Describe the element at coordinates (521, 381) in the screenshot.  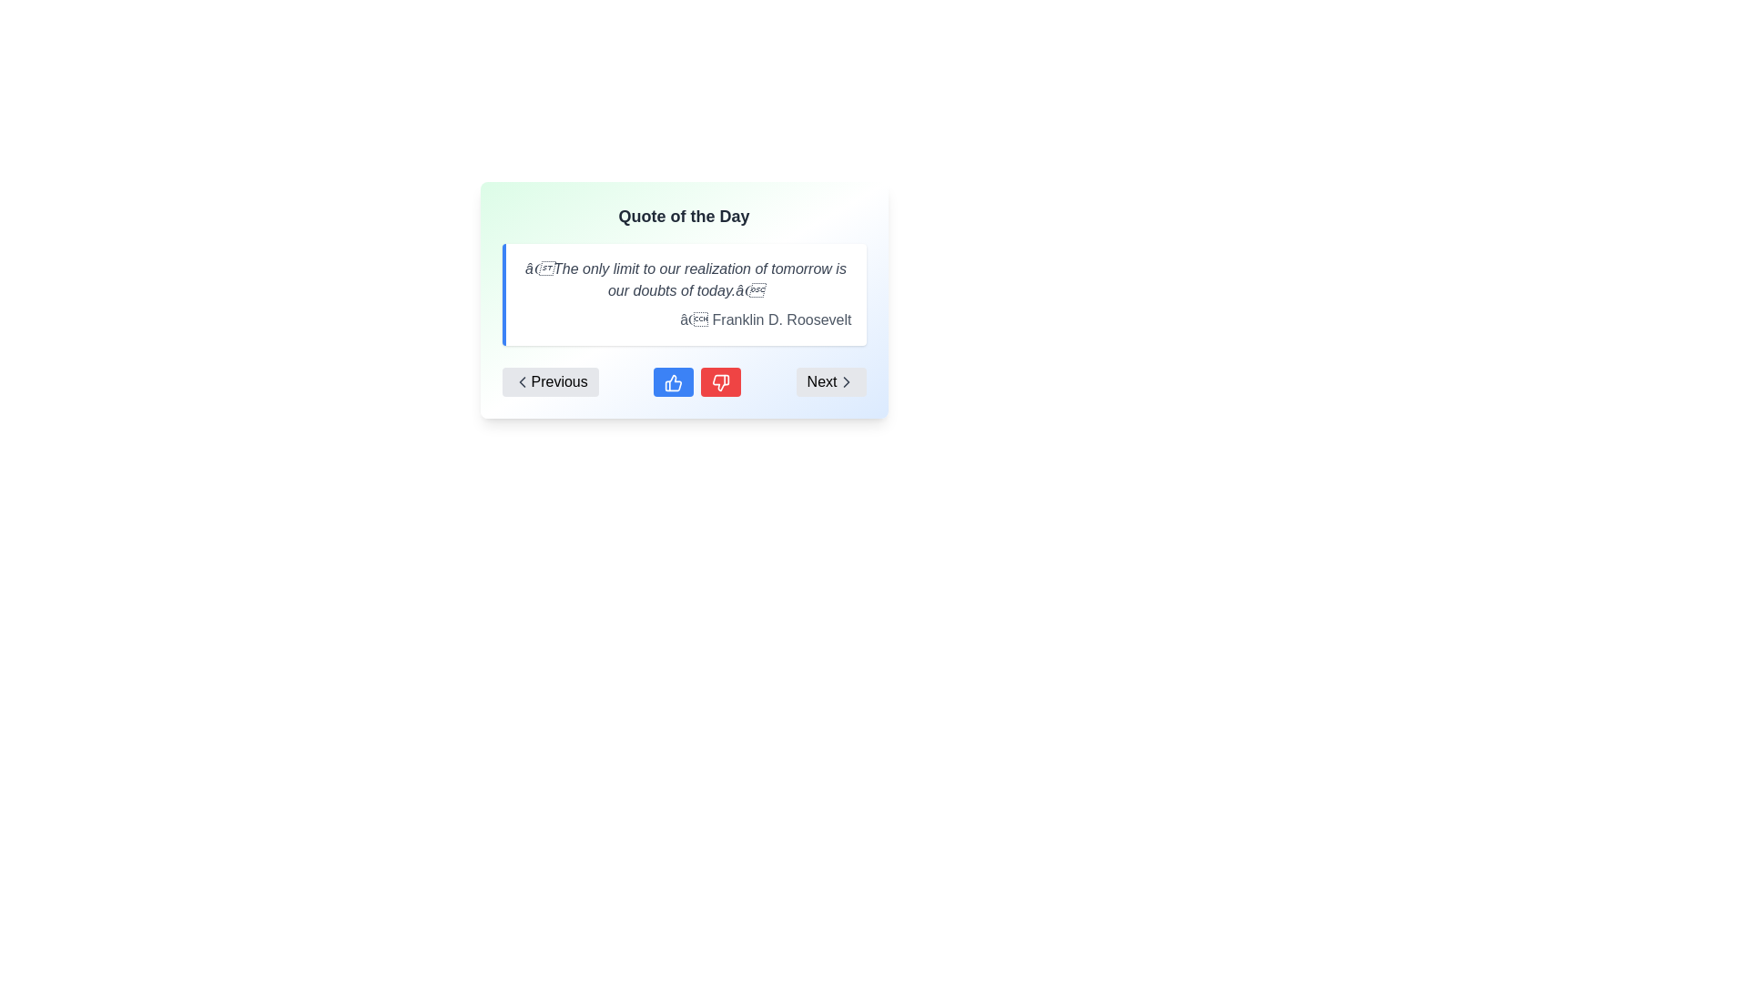
I see `the icon on the left side of the 'Previous' button located at the bottom left corner of the 'Quote of the Day' card` at that location.